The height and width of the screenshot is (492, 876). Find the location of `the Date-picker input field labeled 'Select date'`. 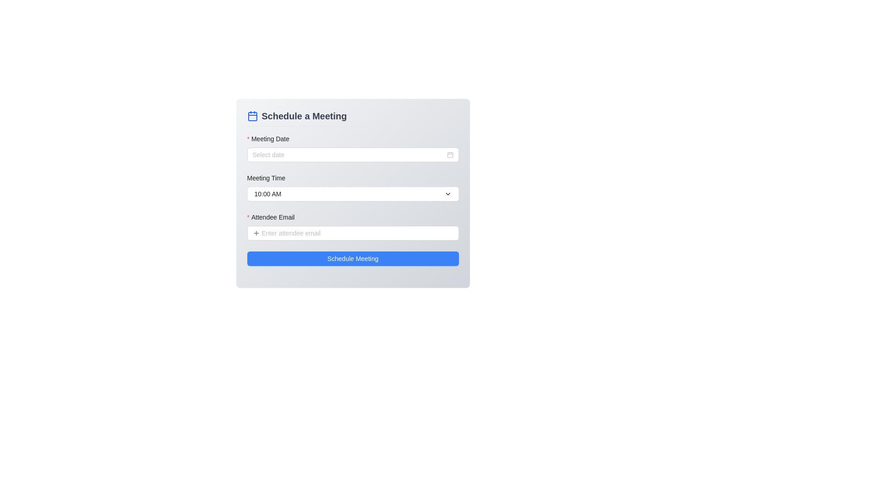

the Date-picker input field labeled 'Select date' is located at coordinates (352, 154).